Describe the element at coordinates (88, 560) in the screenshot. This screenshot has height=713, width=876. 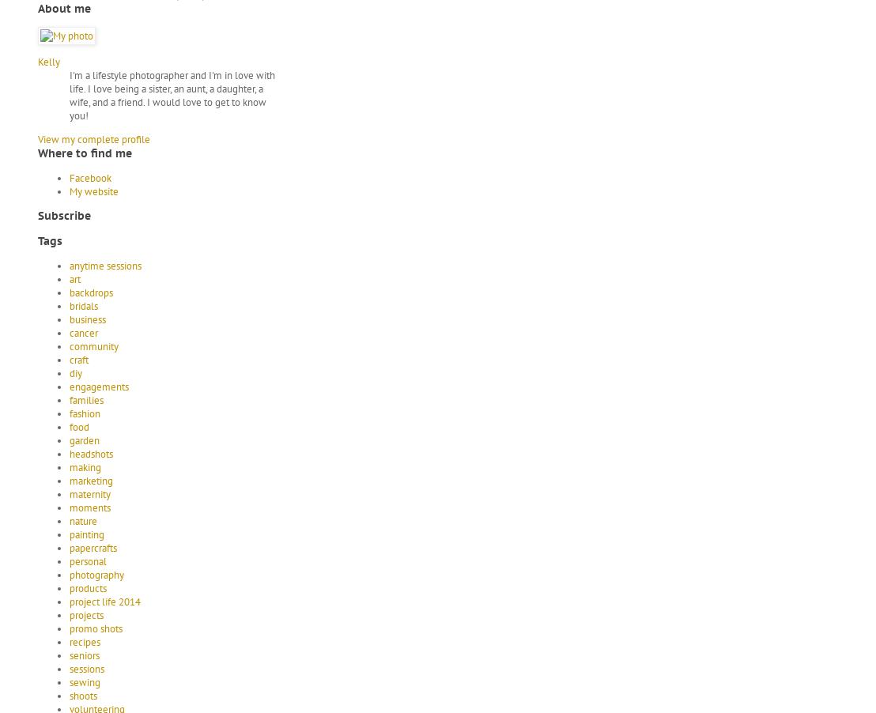
I see `'personal'` at that location.